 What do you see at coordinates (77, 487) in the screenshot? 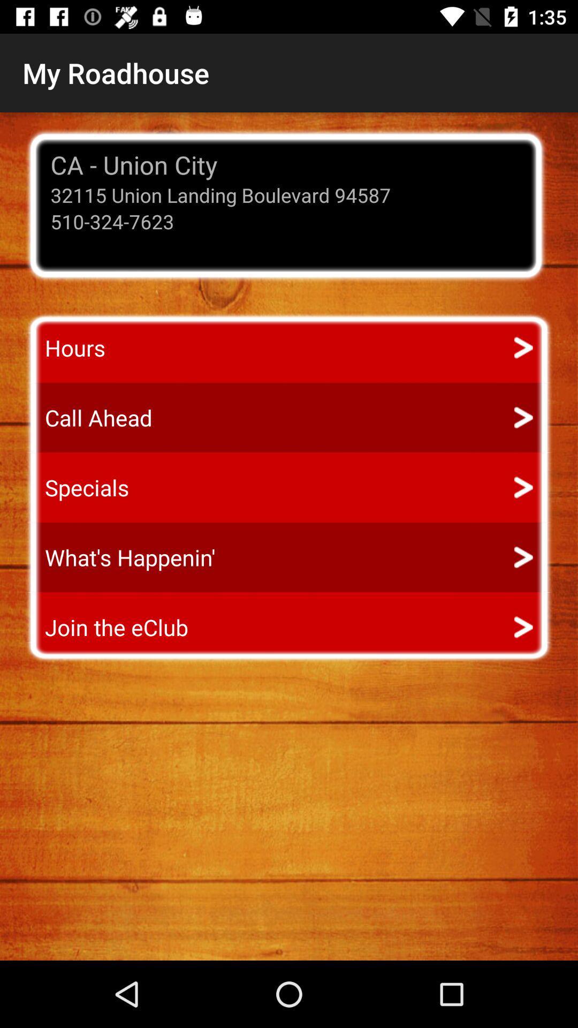
I see `item below call ahead app` at bounding box center [77, 487].